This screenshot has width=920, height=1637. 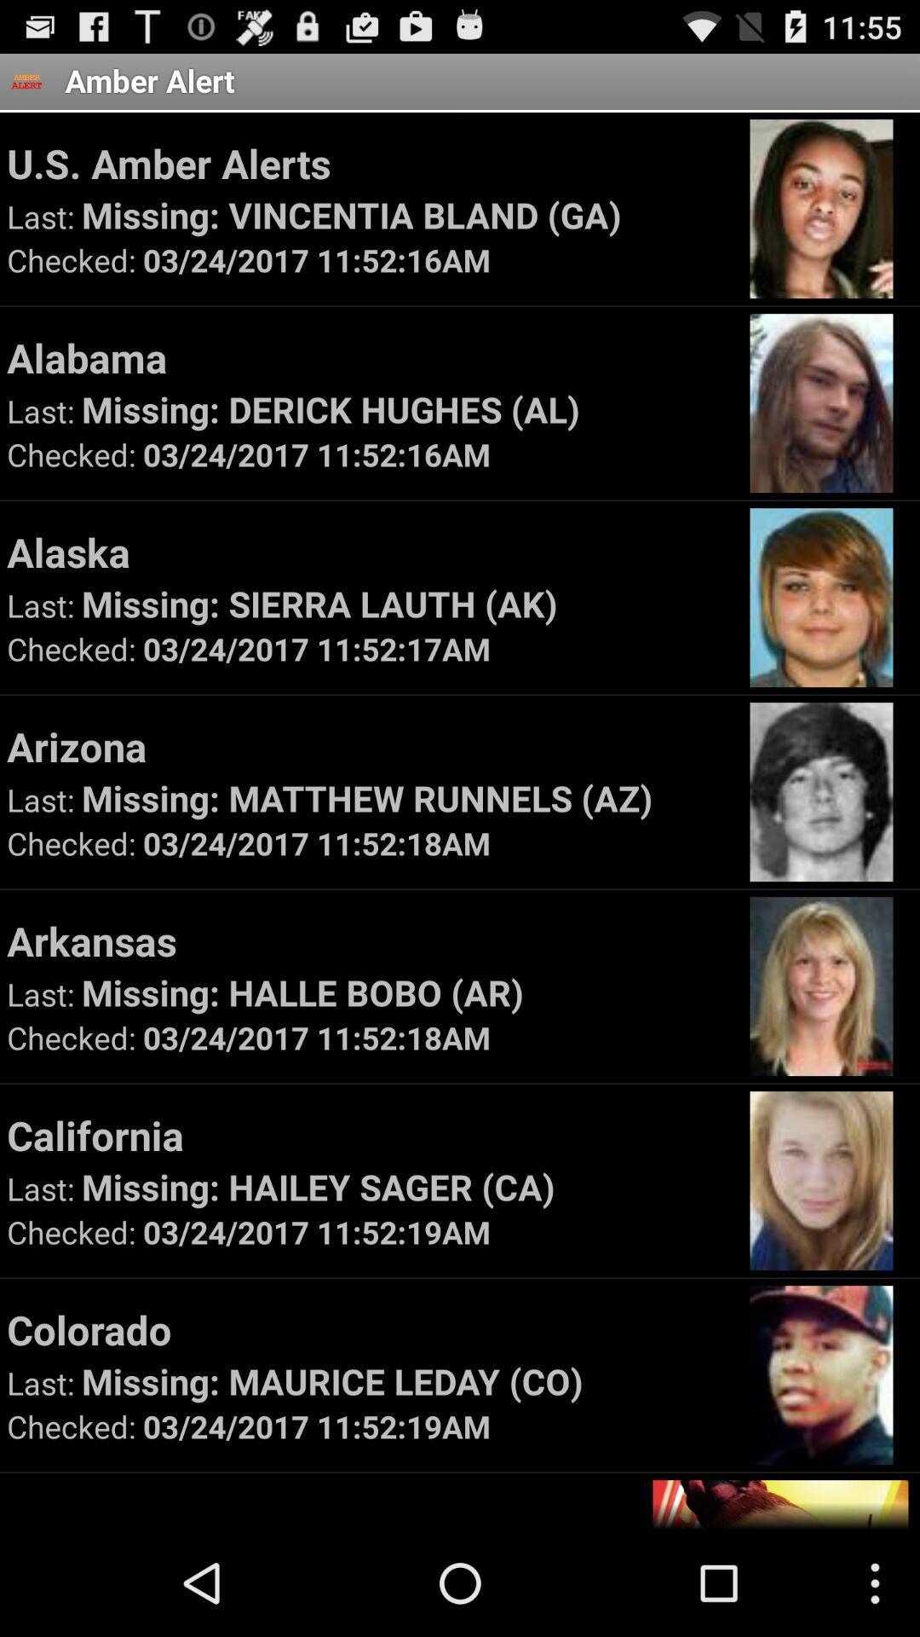 What do you see at coordinates (370, 163) in the screenshot?
I see `u s amber icon` at bounding box center [370, 163].